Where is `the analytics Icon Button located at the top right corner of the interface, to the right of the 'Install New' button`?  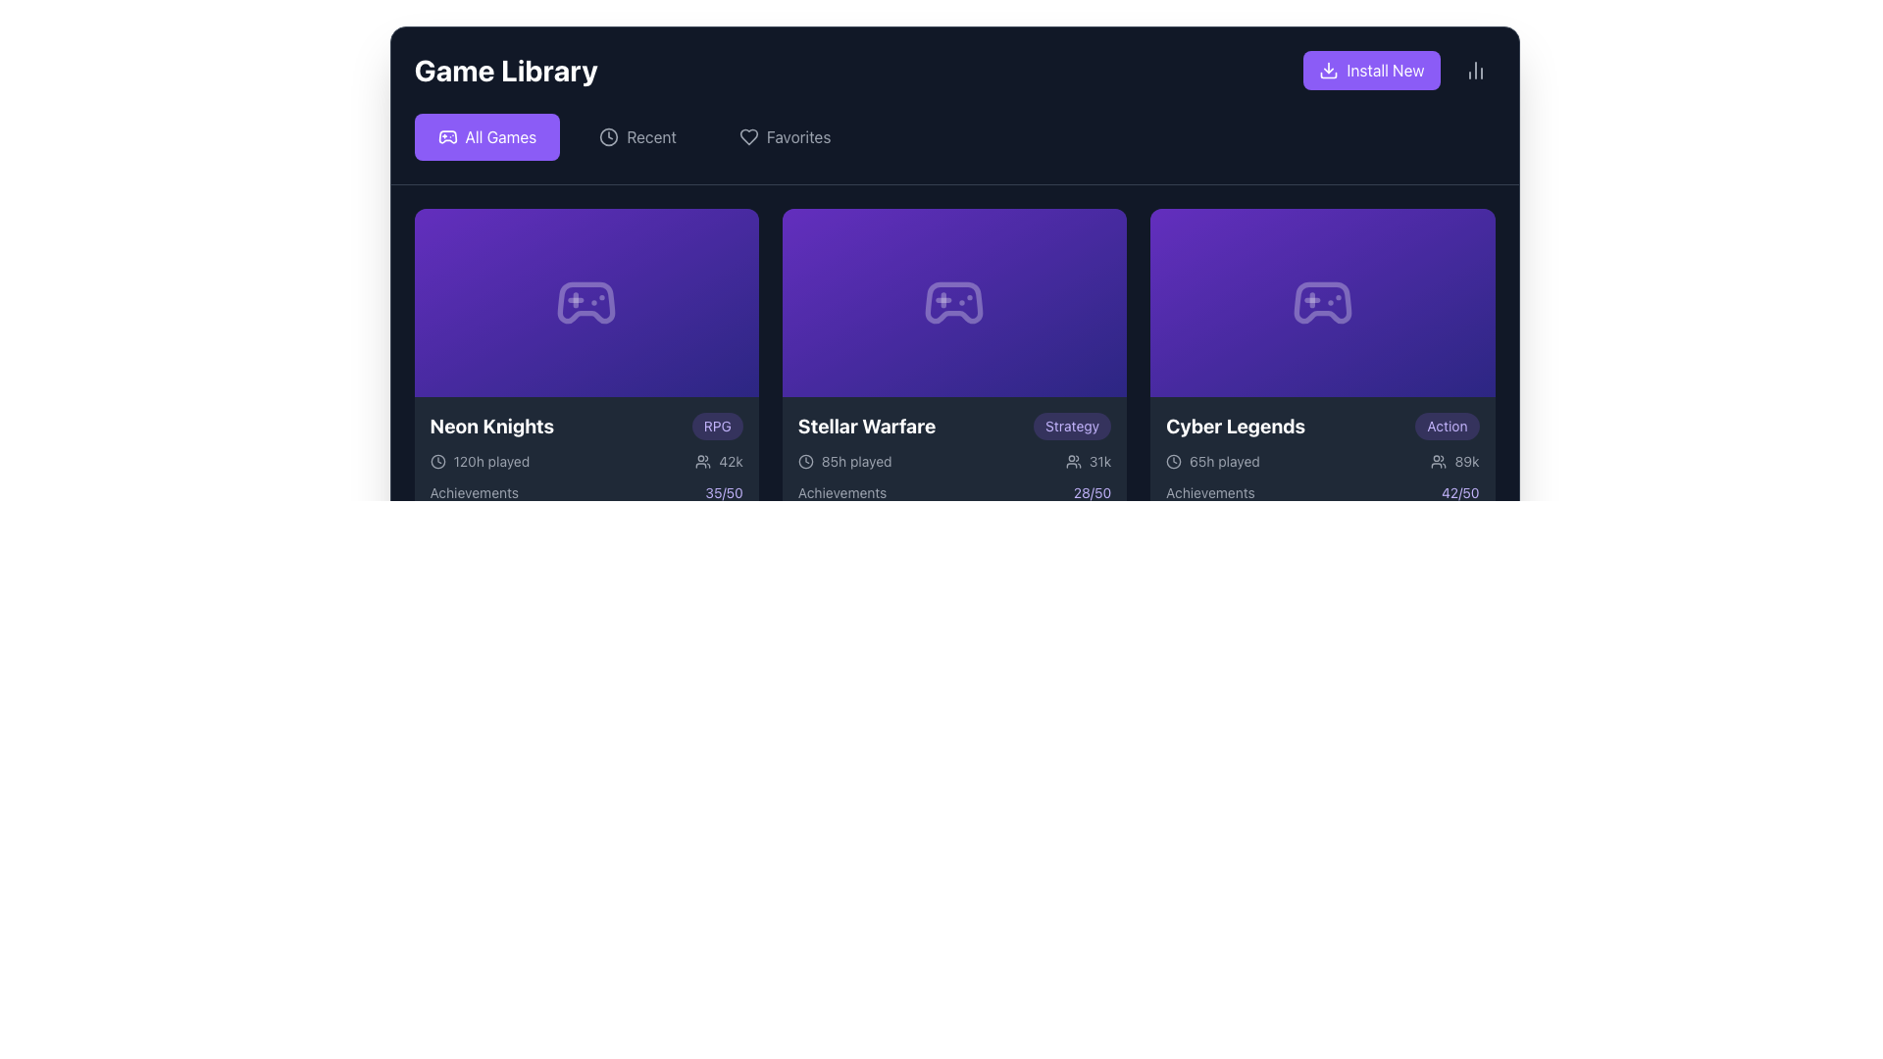
the analytics Icon Button located at the top right corner of the interface, to the right of the 'Install New' button is located at coordinates (1475, 70).